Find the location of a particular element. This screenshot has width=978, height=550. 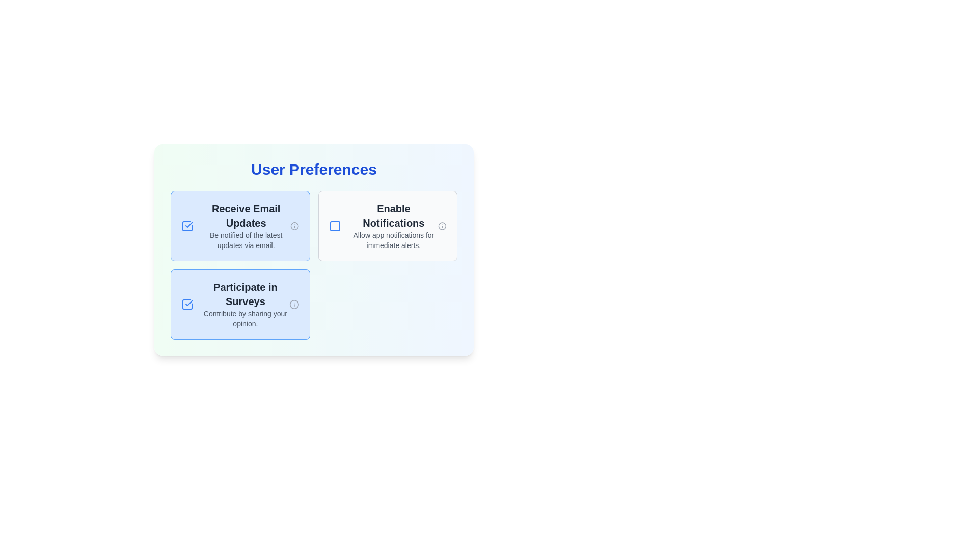

the SVG circular vector graphic representing part of the information icon next to the 'Enable Notifications' text is located at coordinates (293, 304).